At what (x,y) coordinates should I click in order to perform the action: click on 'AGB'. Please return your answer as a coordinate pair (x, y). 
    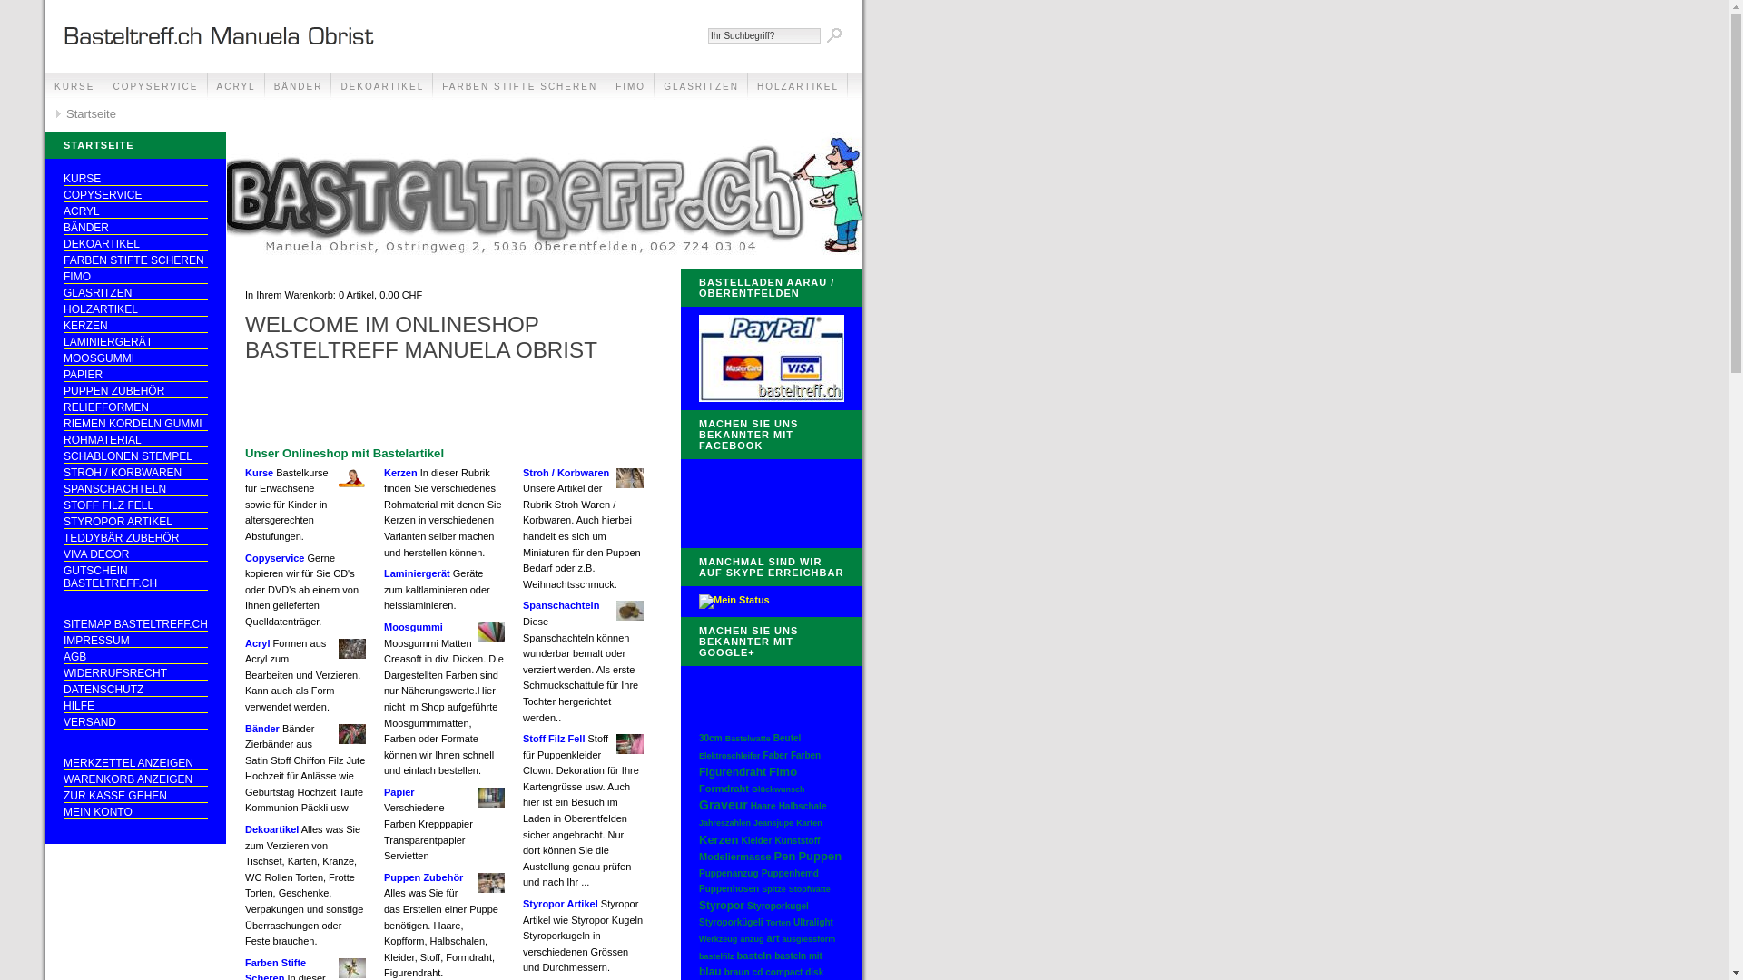
    Looking at the image, I should click on (134, 657).